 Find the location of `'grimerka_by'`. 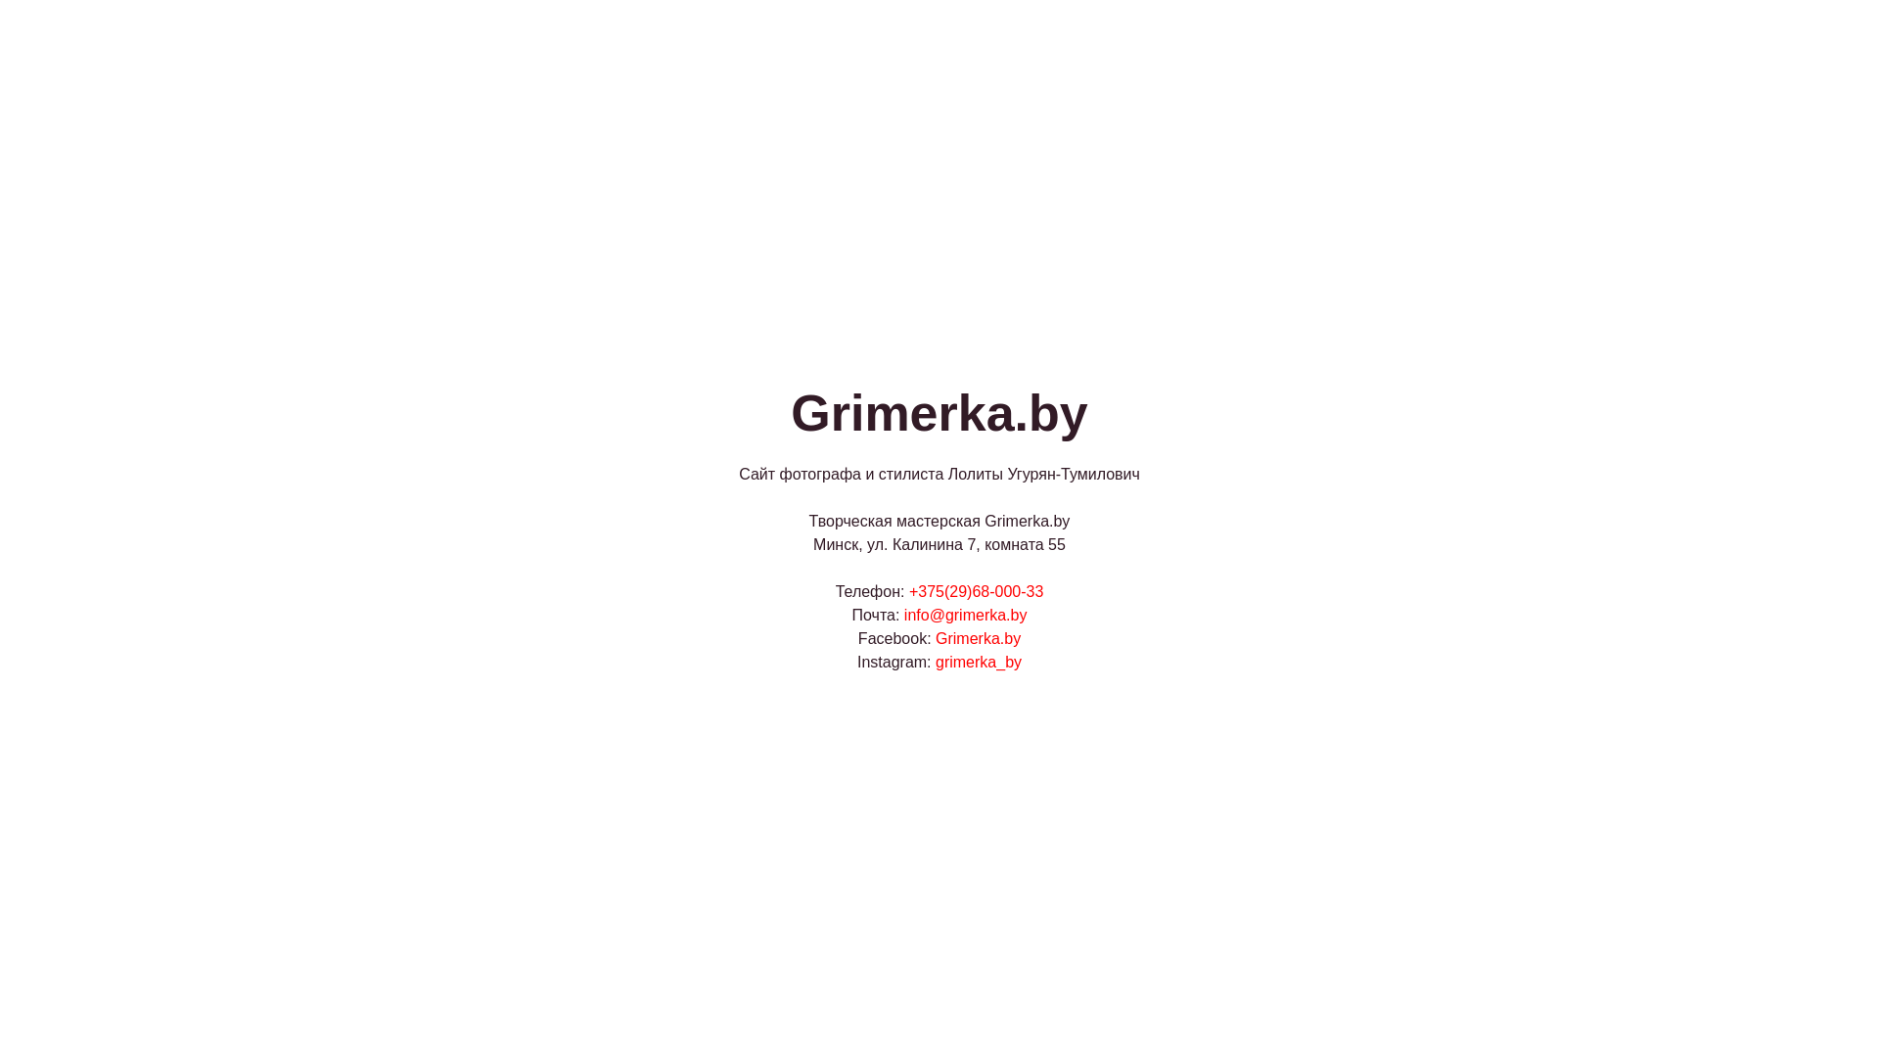

'grimerka_by' is located at coordinates (978, 661).